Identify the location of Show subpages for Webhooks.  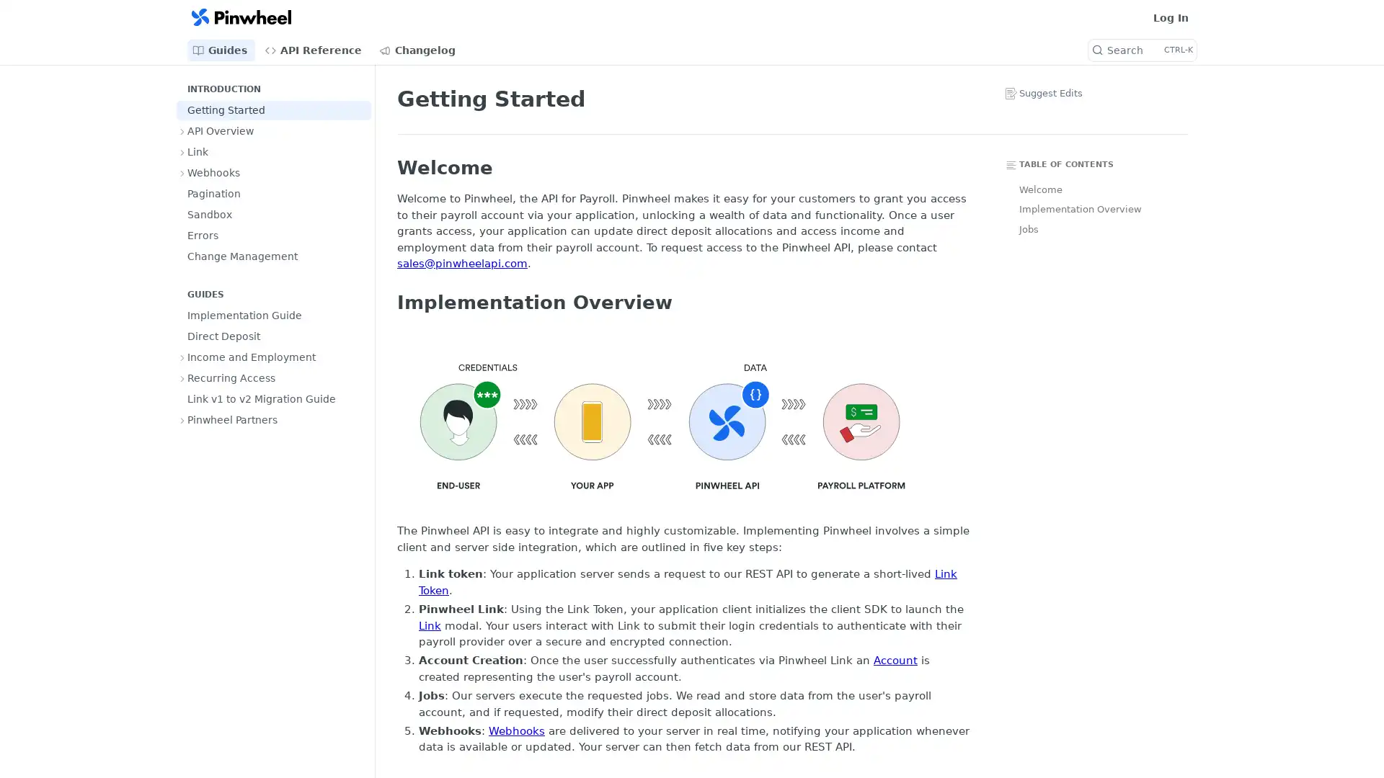
(182, 171).